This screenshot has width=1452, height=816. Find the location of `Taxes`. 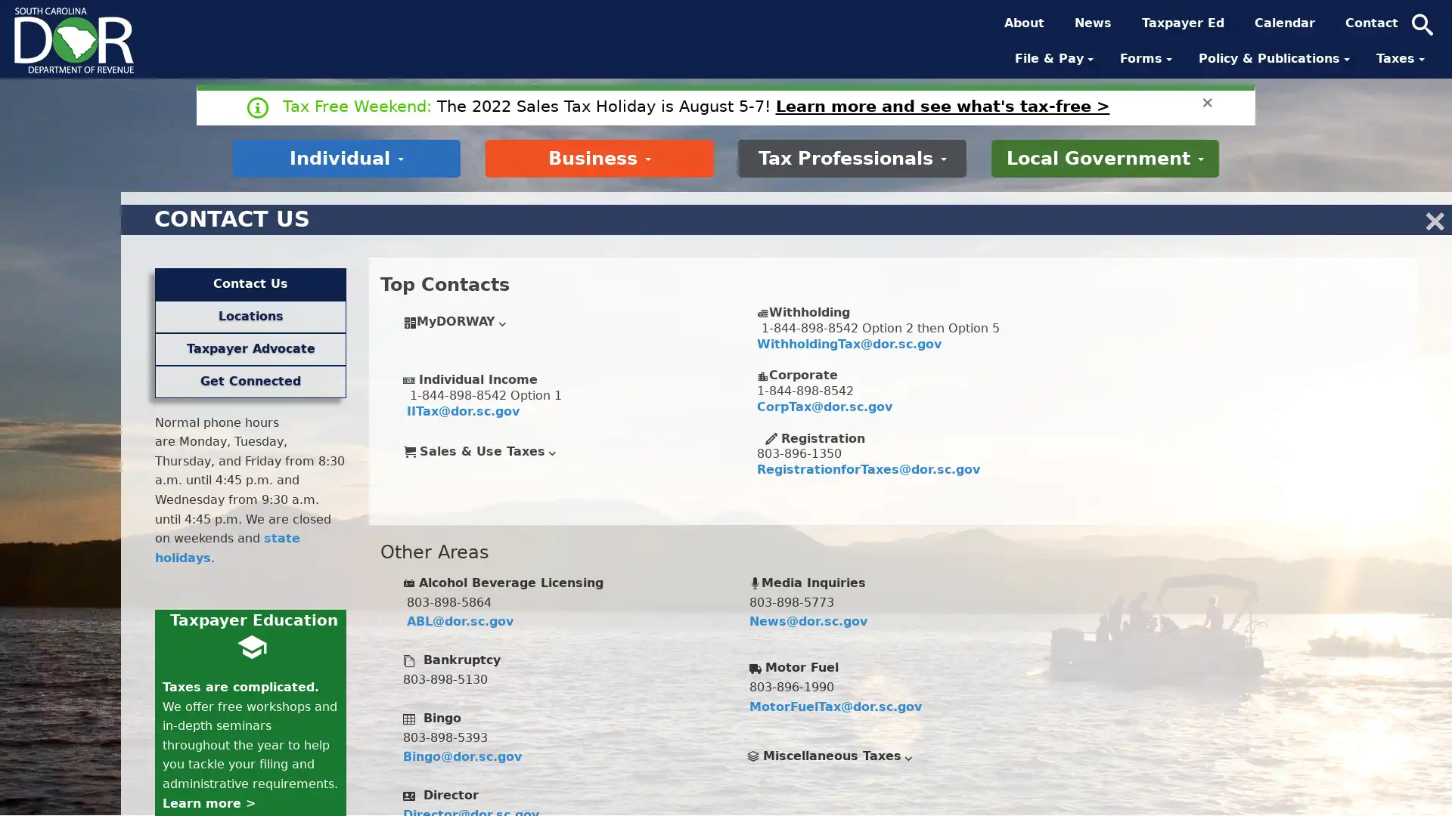

Taxes is located at coordinates (1401, 57).